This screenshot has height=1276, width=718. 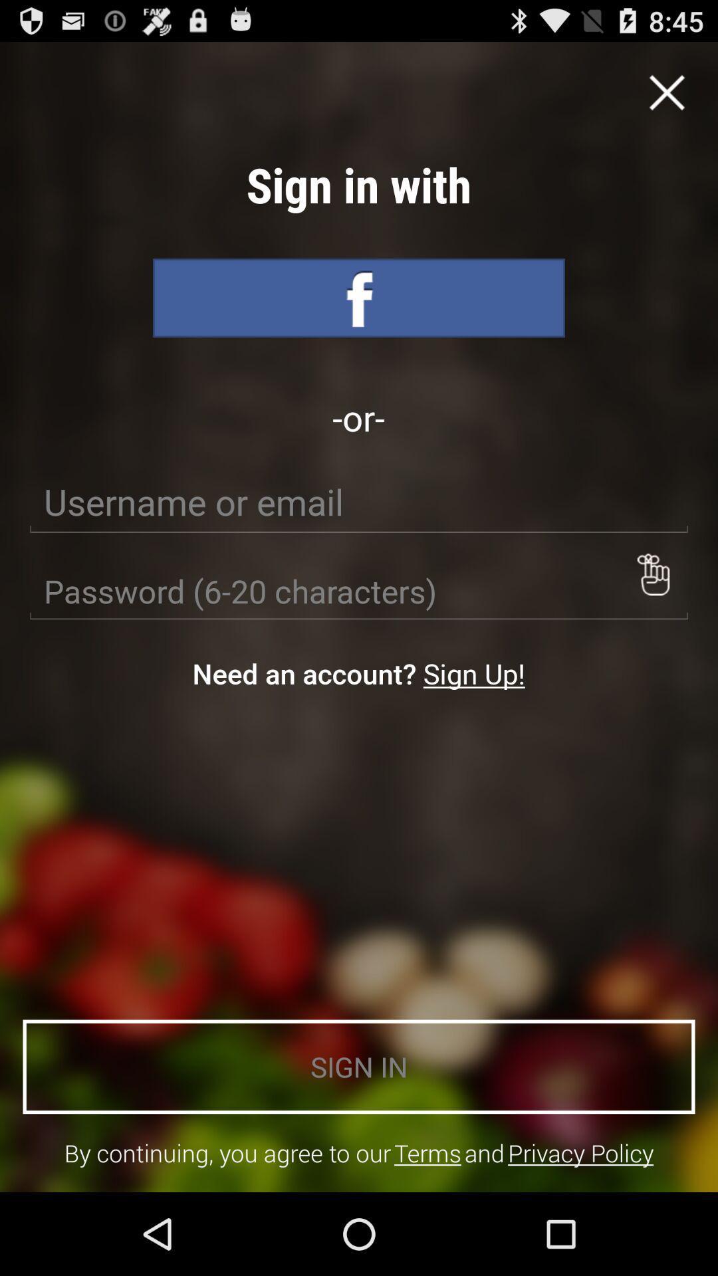 What do you see at coordinates (652, 574) in the screenshot?
I see `button above sign in icon` at bounding box center [652, 574].